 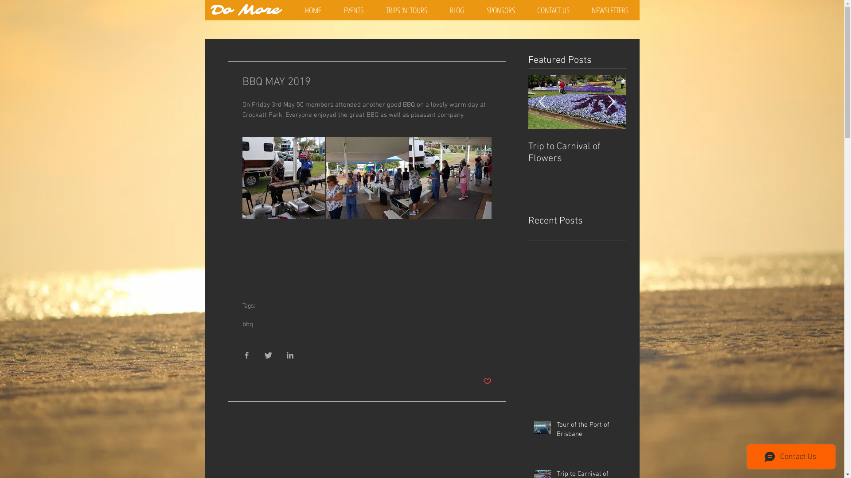 I want to click on 'BLOG', so click(x=457, y=10).